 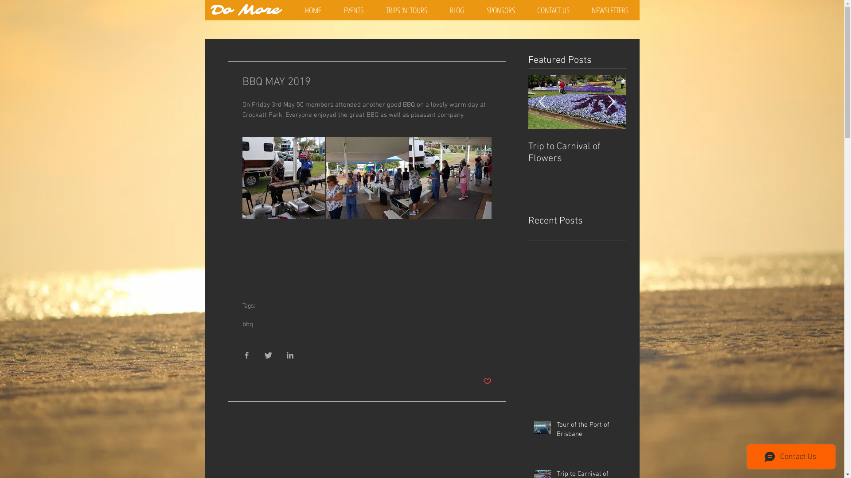 I want to click on 'BLOG', so click(x=457, y=10).